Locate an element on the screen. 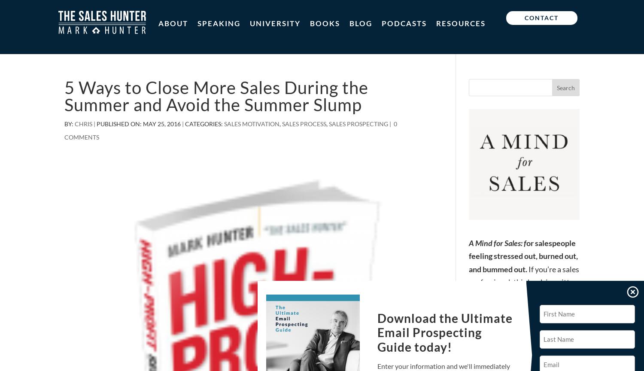 The height and width of the screenshot is (371, 644). 'Books' is located at coordinates (325, 23).